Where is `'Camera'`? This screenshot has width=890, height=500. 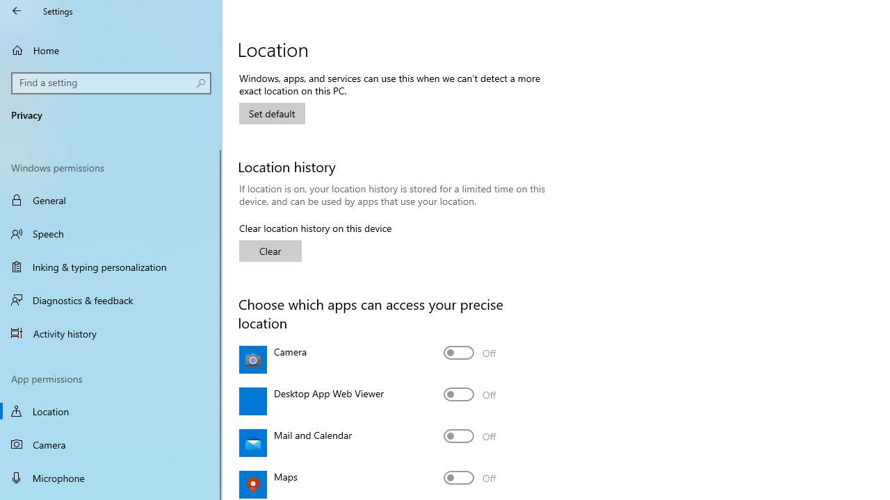
'Camera' is located at coordinates (469, 351).